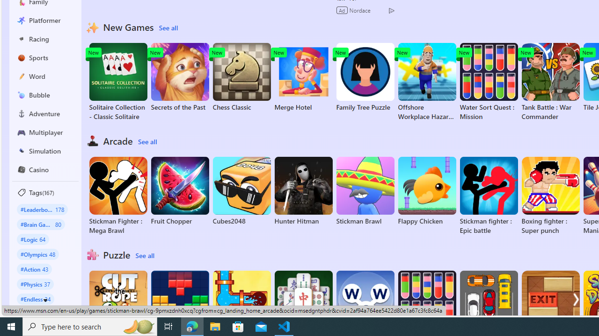 The width and height of the screenshot is (599, 336). Describe the element at coordinates (426, 191) in the screenshot. I see `'Flappy Chicken'` at that location.